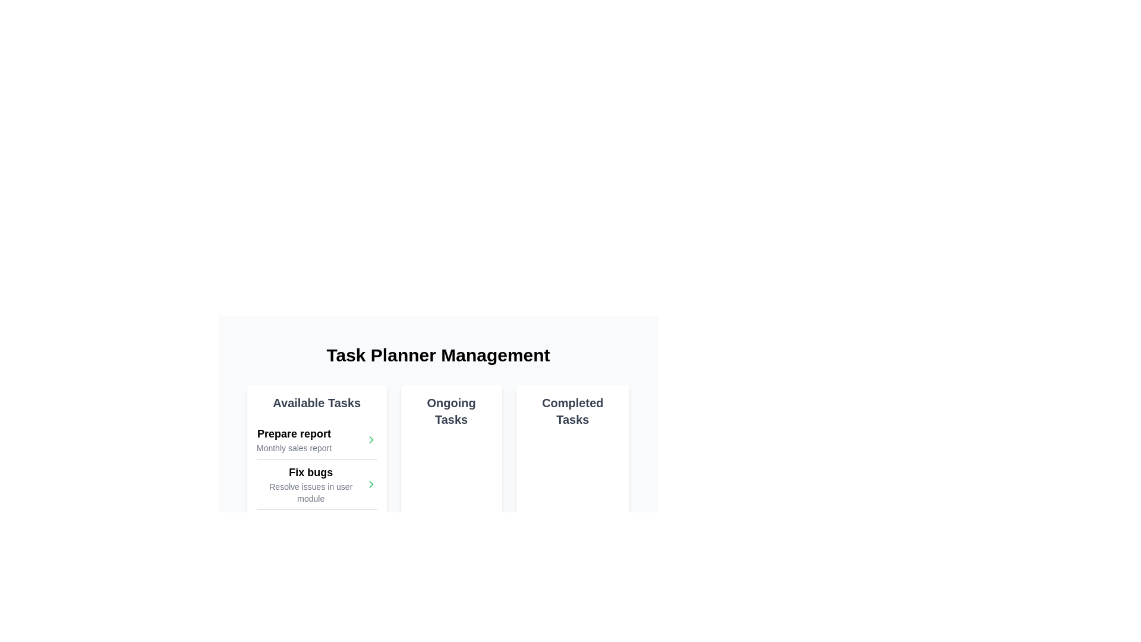 The height and width of the screenshot is (642, 1141). What do you see at coordinates (311, 471) in the screenshot?
I see `text label 'Fix bugs' located under the 'Available Tasks' section, which is the second task item in the list` at bounding box center [311, 471].